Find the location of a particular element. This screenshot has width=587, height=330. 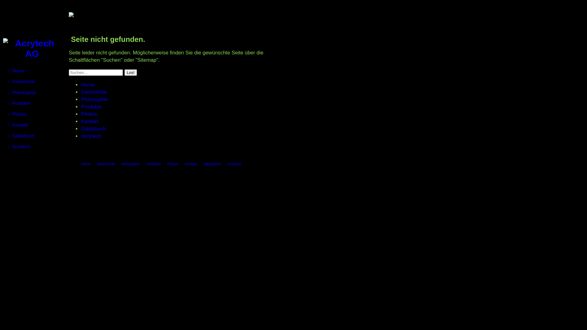

'Geschichte' is located at coordinates (94, 92).